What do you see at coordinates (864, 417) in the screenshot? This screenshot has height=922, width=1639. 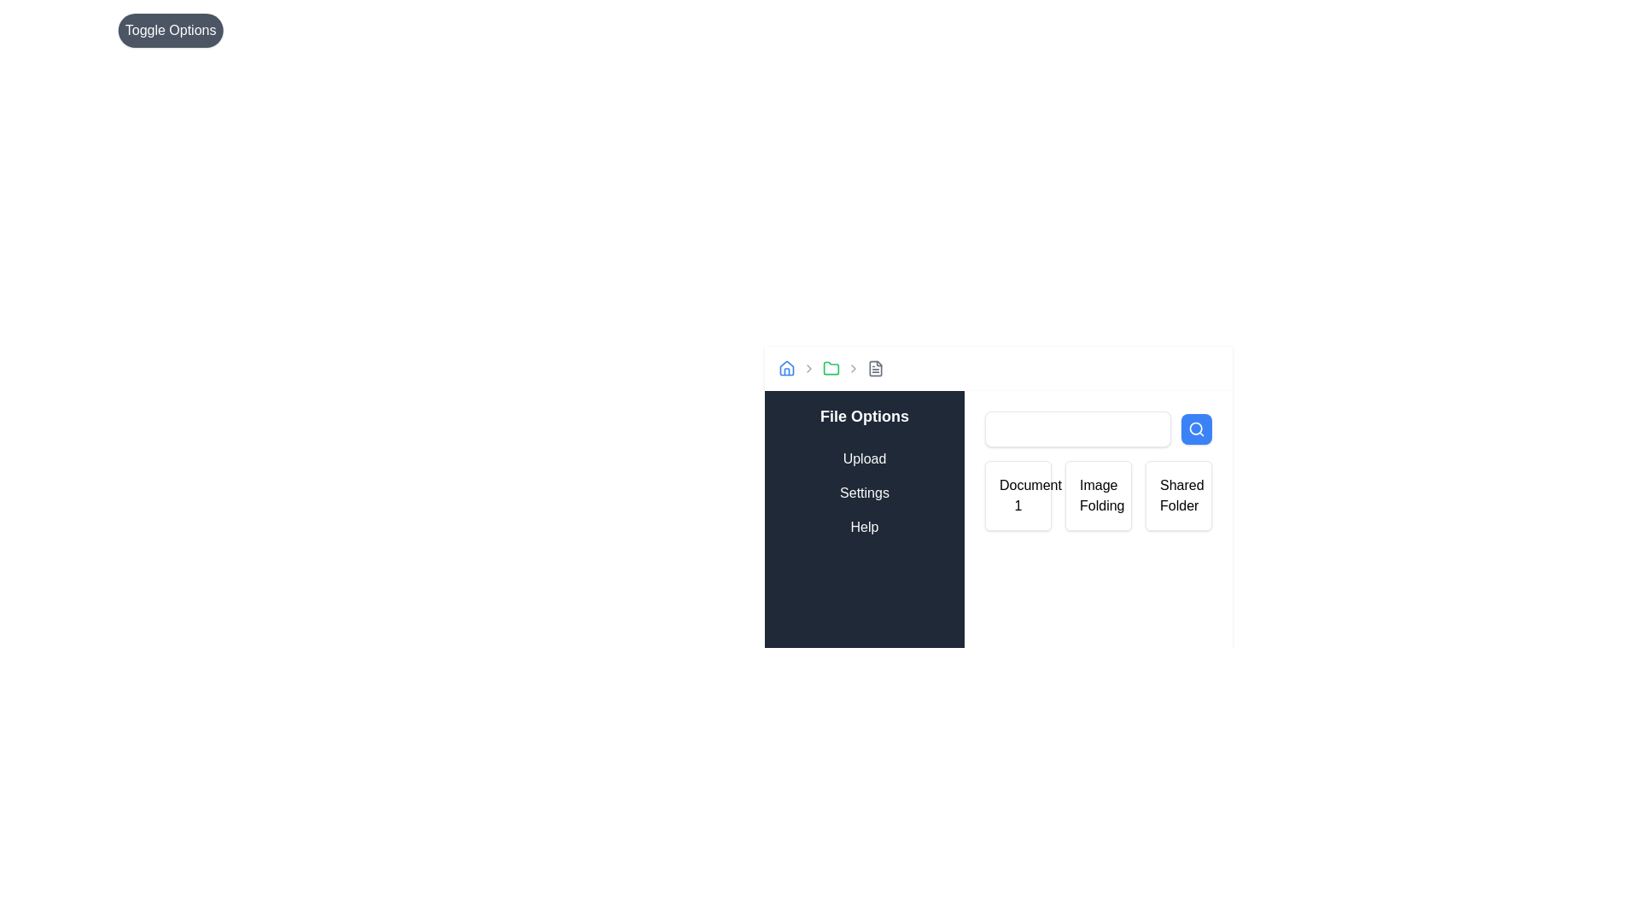 I see `text label displaying 'File Options' located at the top of the vertical navigation menu in the sidebar on the left side of the interface` at bounding box center [864, 417].